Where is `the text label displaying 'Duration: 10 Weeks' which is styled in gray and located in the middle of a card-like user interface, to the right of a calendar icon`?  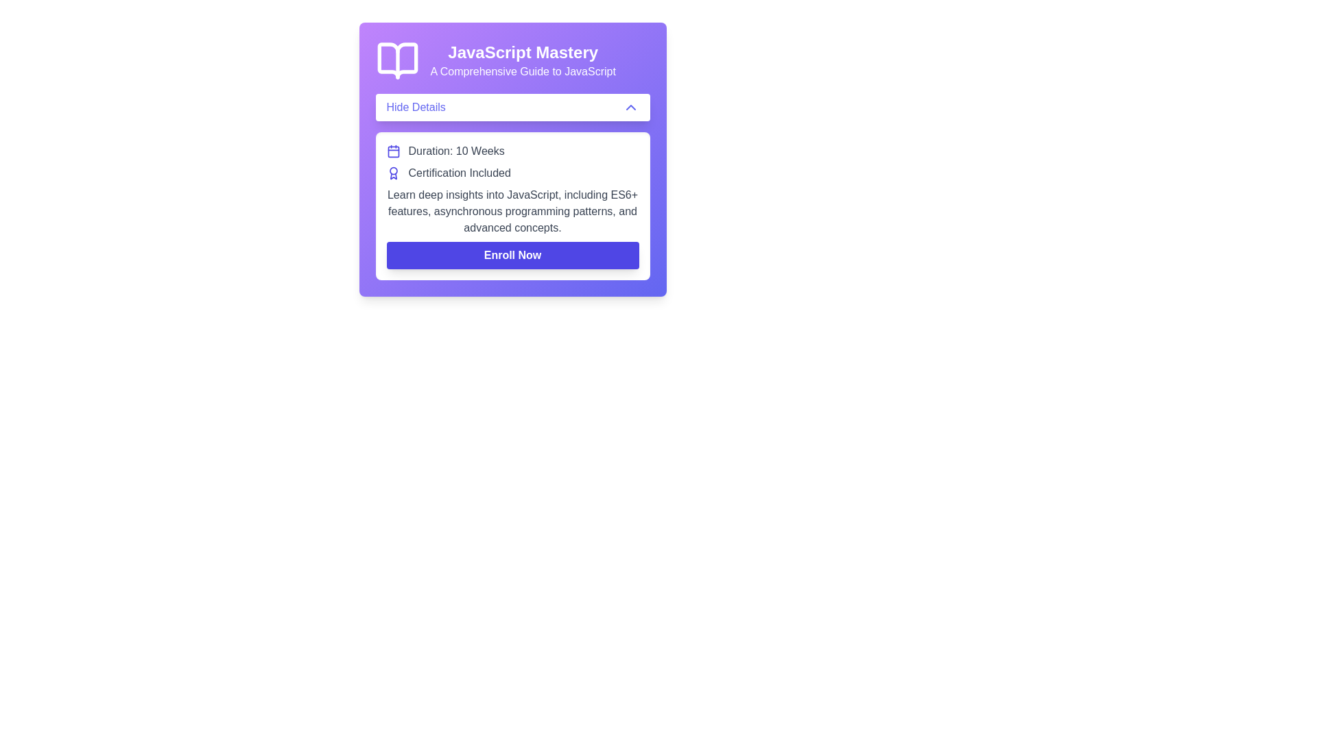 the text label displaying 'Duration: 10 Weeks' which is styled in gray and located in the middle of a card-like user interface, to the right of a calendar icon is located at coordinates (456, 151).